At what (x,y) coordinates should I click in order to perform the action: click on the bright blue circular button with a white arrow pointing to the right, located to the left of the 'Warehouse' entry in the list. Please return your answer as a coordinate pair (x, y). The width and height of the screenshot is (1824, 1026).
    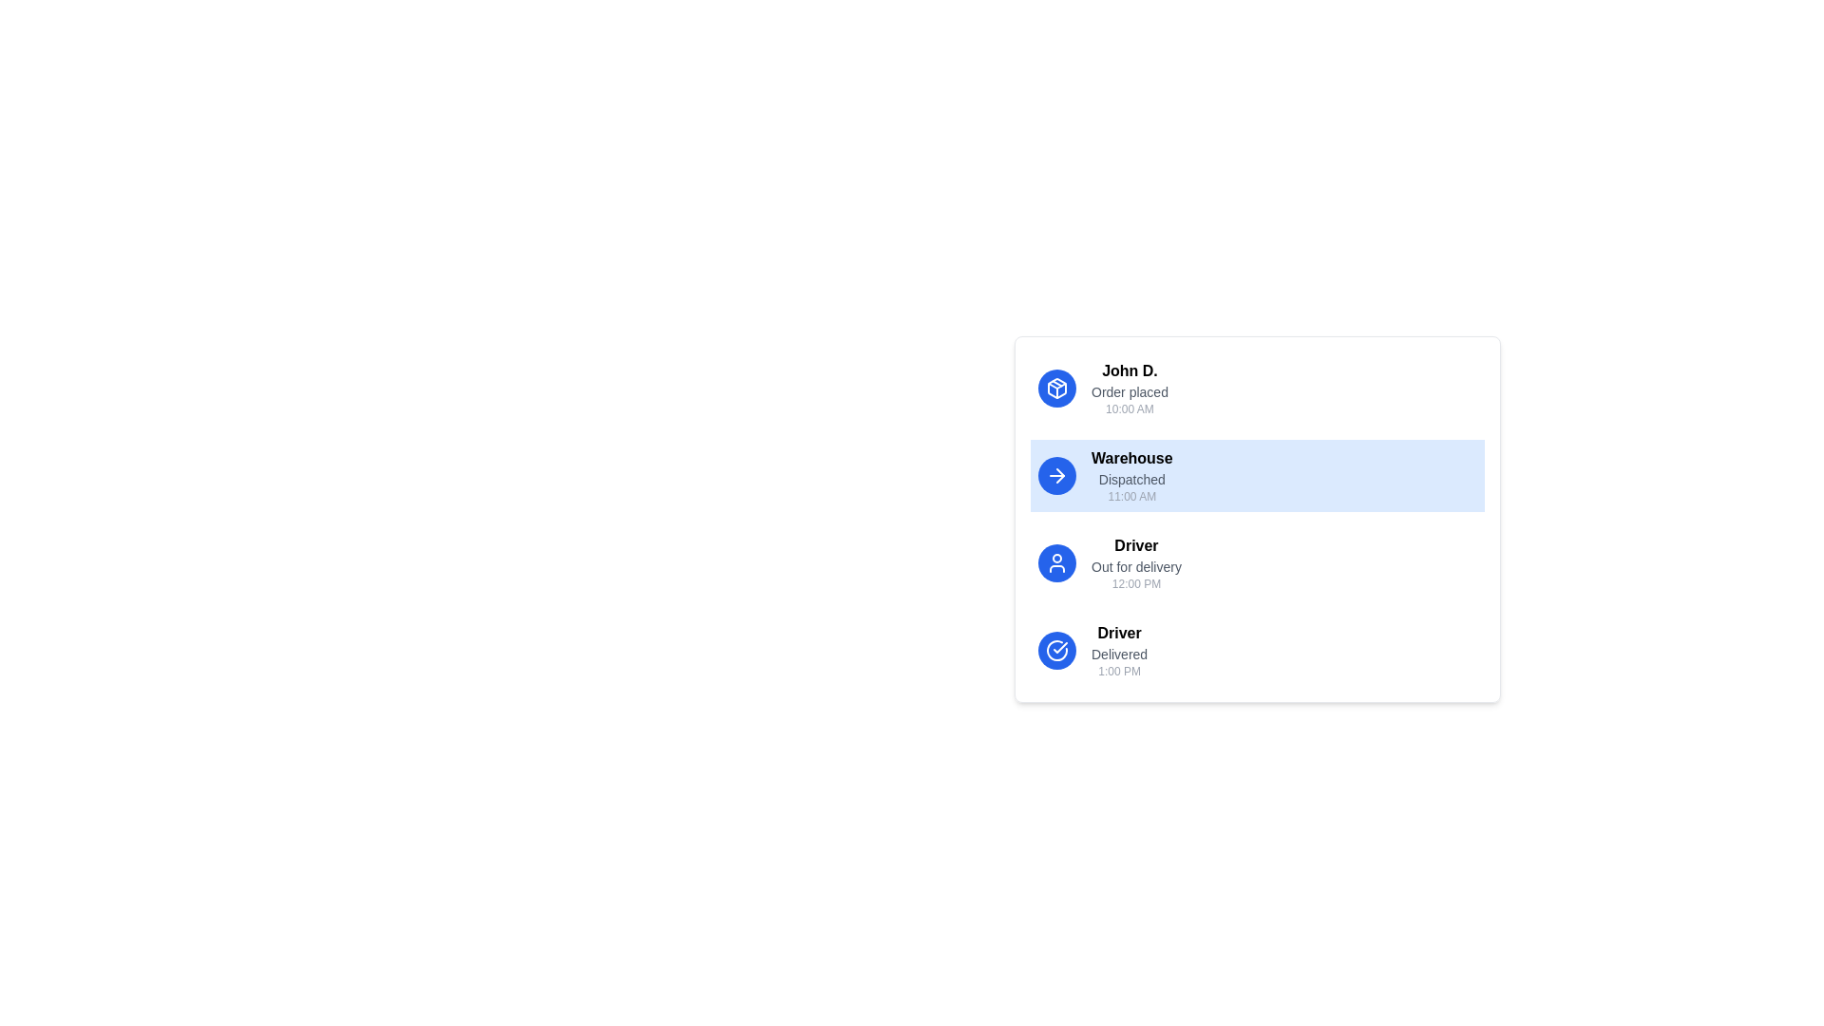
    Looking at the image, I should click on (1056, 475).